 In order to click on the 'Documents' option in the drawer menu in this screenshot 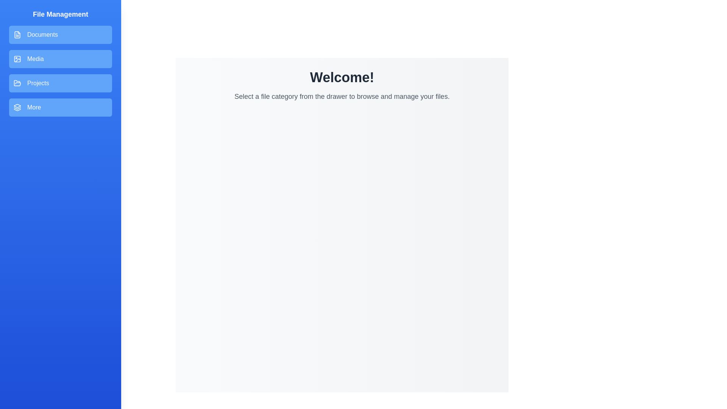, I will do `click(60, 35)`.